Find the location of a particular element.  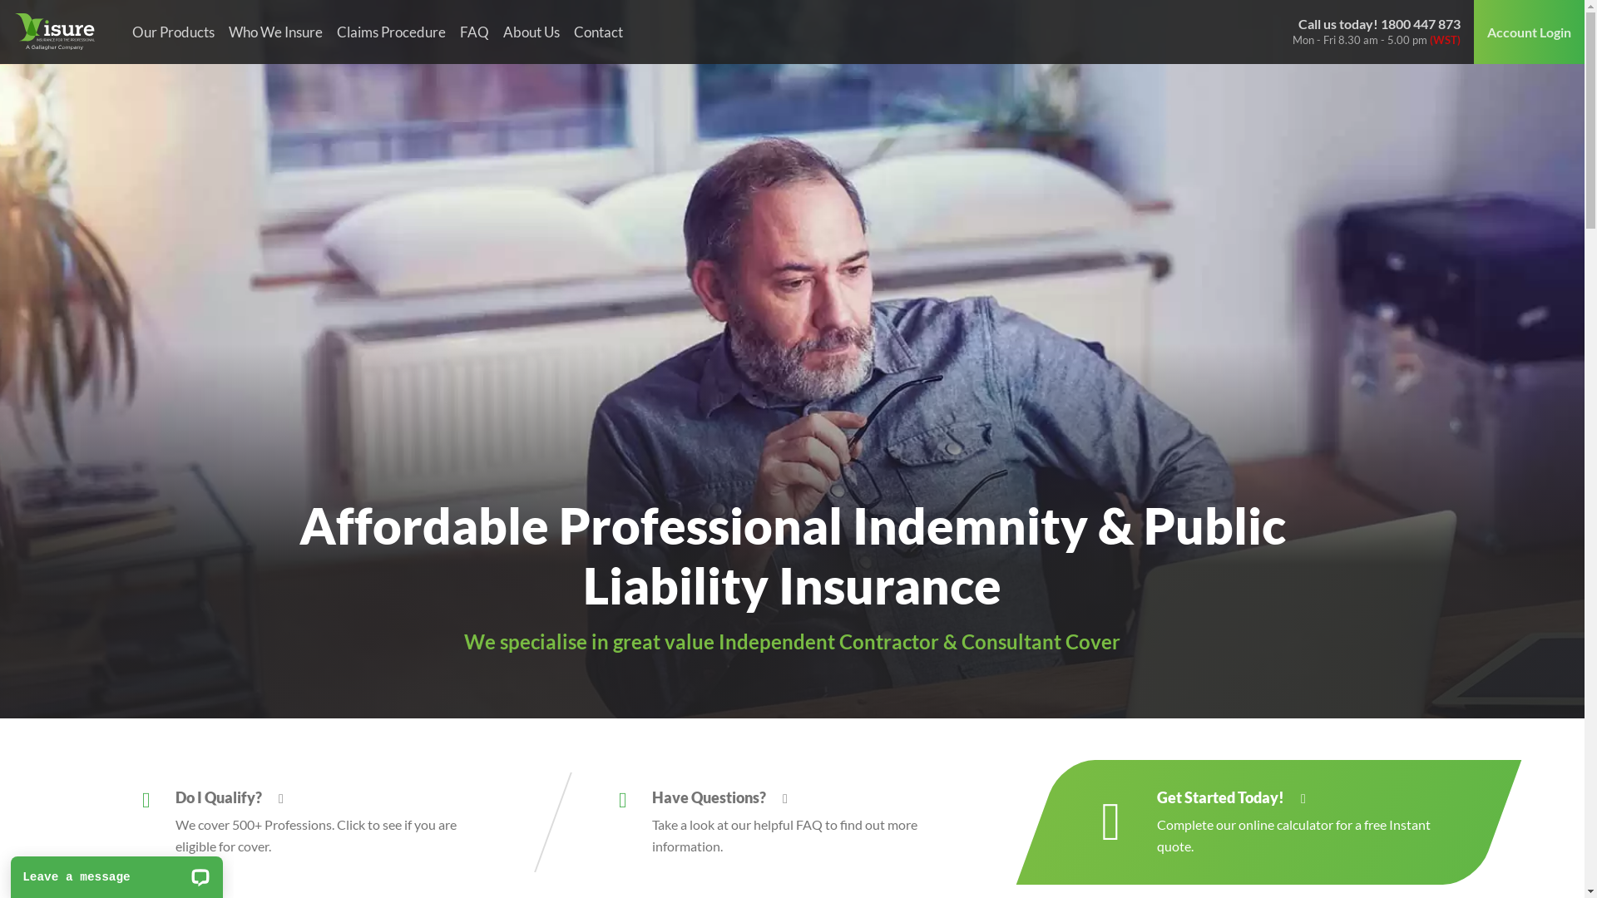

'Claims Procedure' is located at coordinates (390, 32).